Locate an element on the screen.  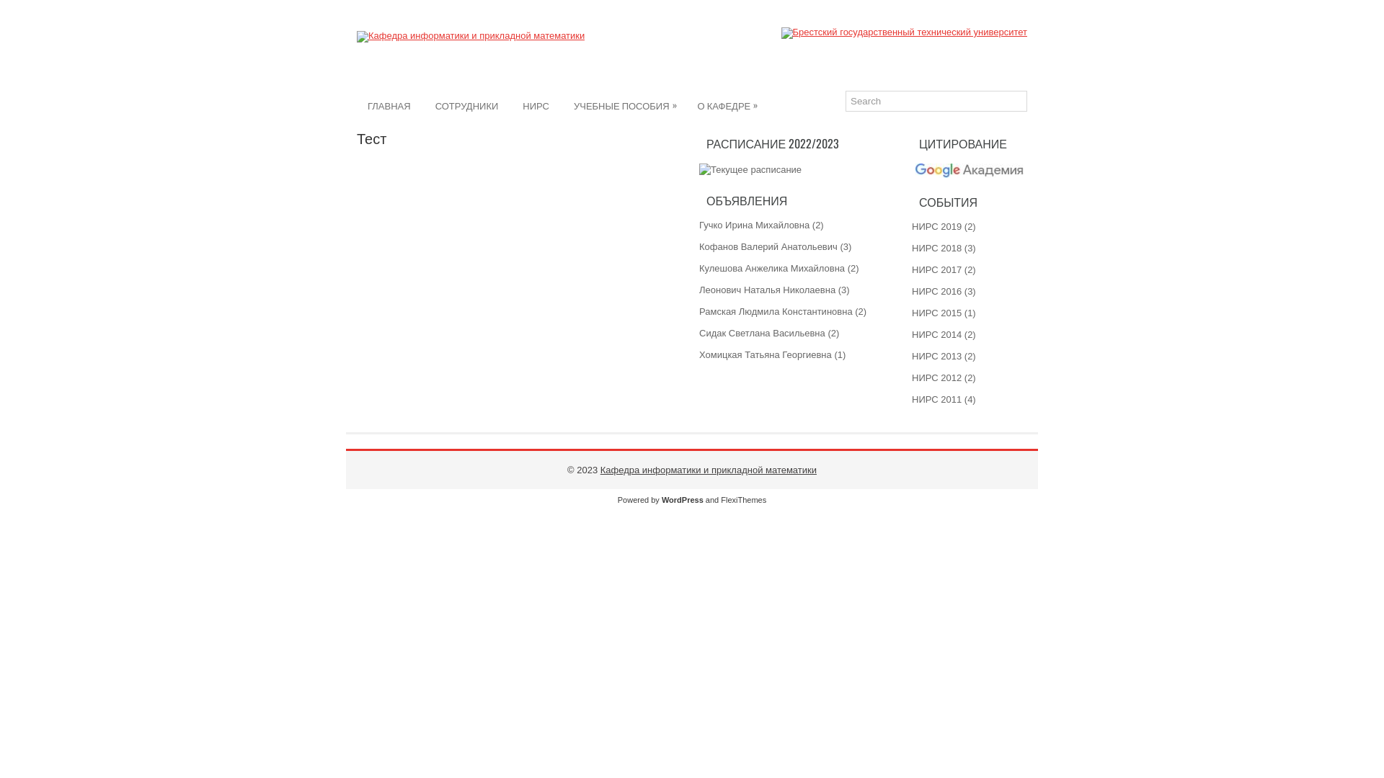
'Type and hit enter' is located at coordinates (936, 100).